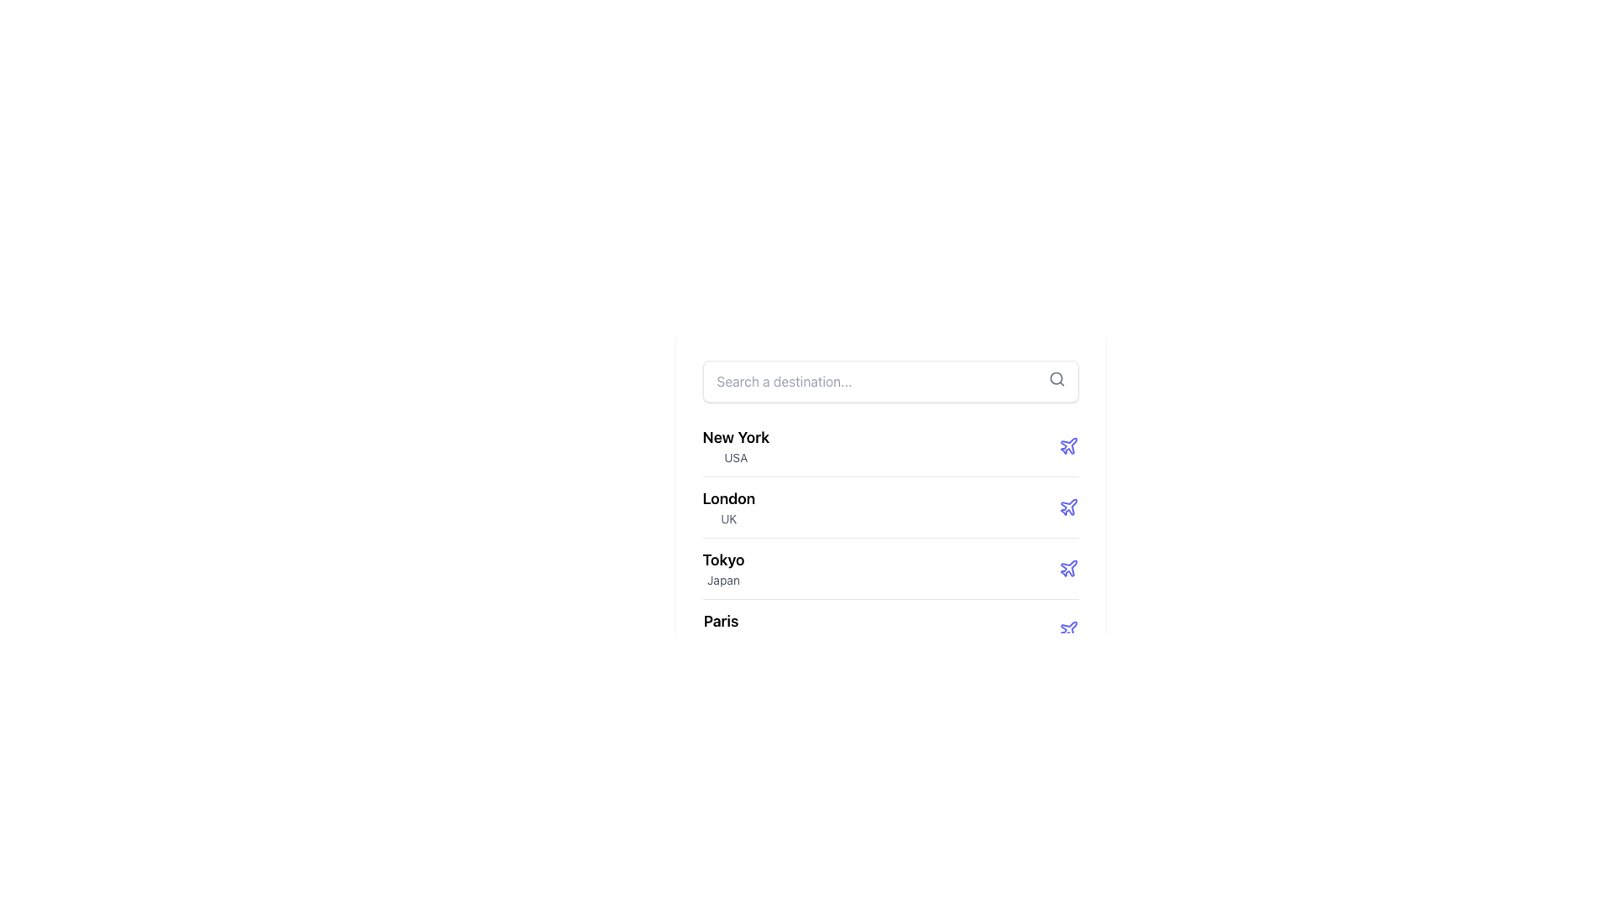 This screenshot has width=1611, height=906. I want to click on the Text Label indicating the country associated with the city 'Tokyo', which is located in the third row of the list under the text 'Tokyo', so click(723, 579).